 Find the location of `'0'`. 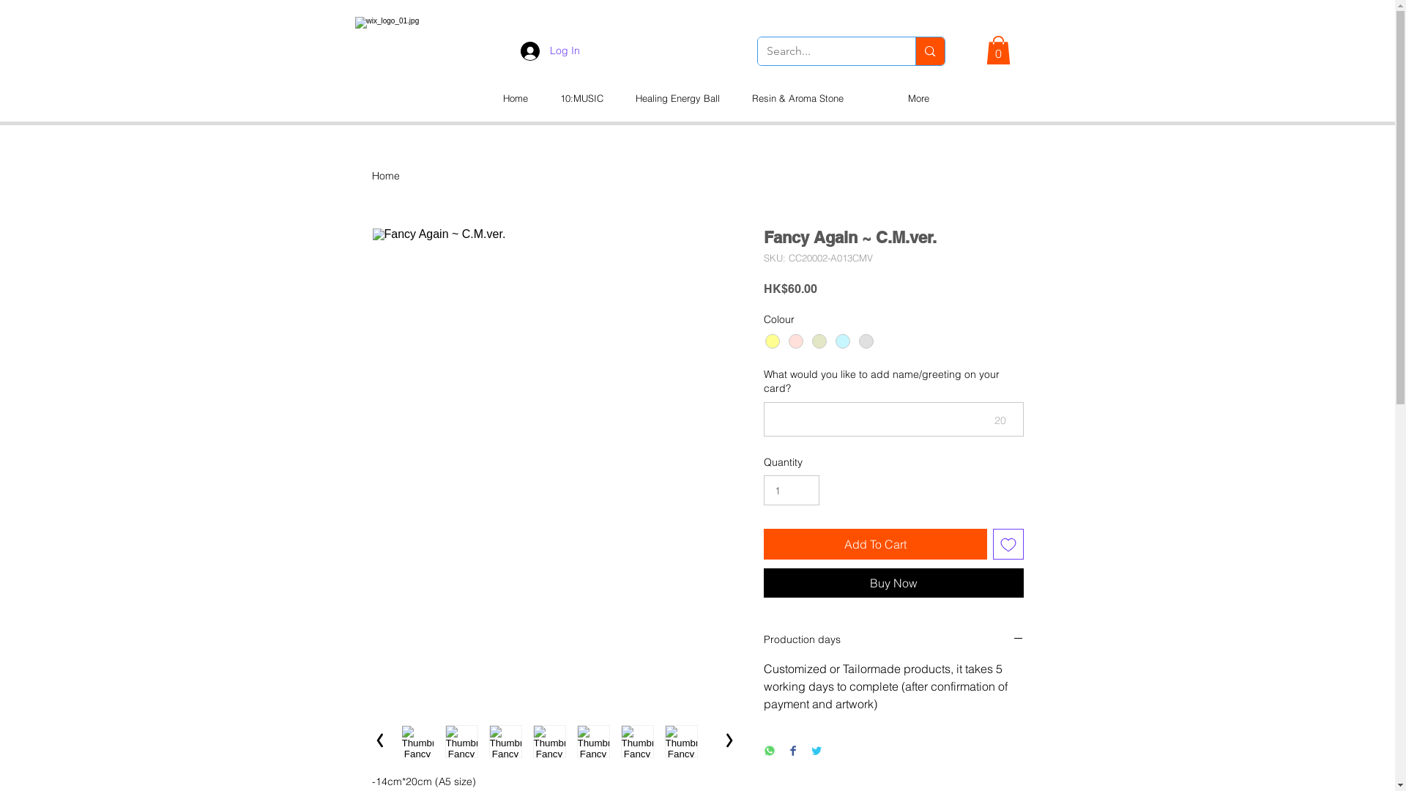

'0' is located at coordinates (997, 49).